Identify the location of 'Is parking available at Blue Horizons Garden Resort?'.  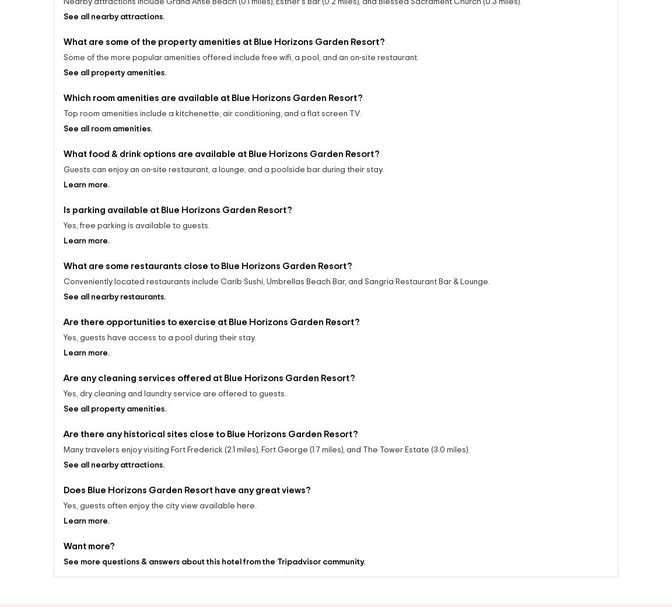
(177, 212).